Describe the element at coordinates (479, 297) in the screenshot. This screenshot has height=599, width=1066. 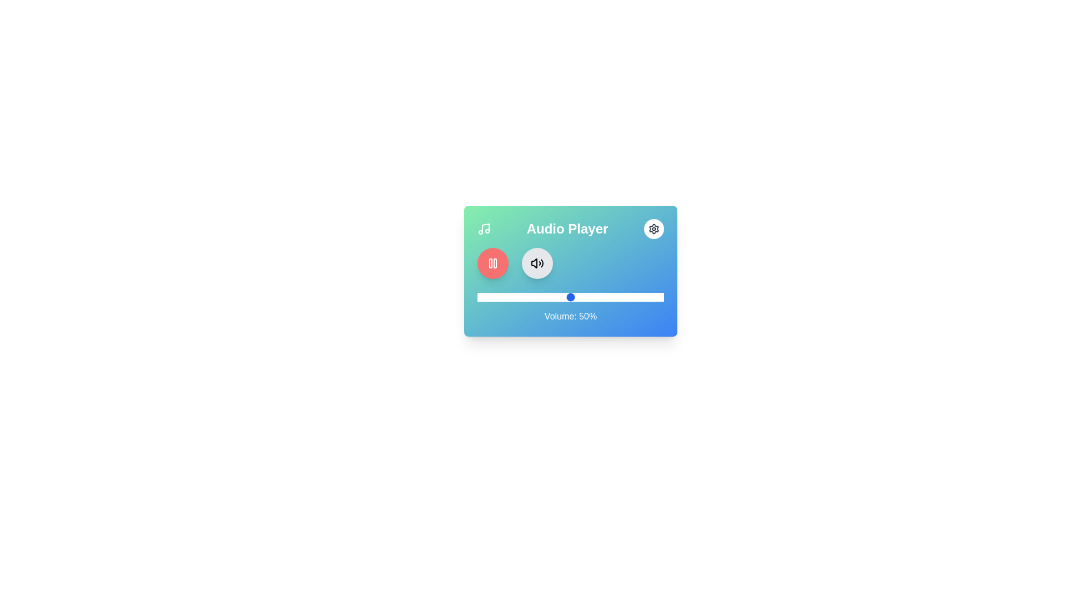
I see `volume` at that location.